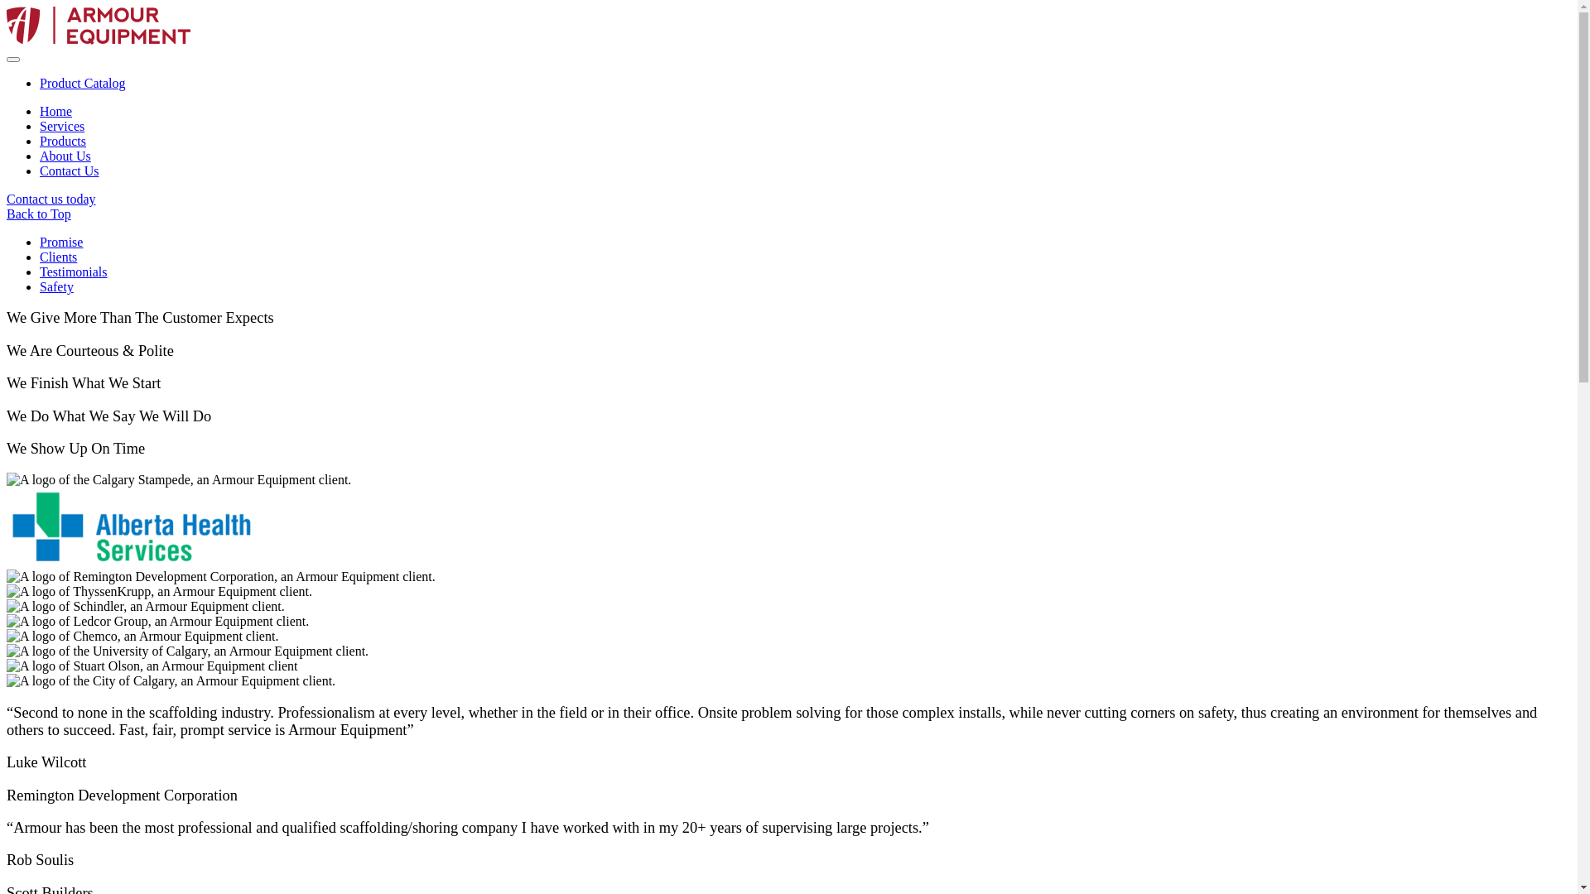  I want to click on 'Product Catalog', so click(82, 83).